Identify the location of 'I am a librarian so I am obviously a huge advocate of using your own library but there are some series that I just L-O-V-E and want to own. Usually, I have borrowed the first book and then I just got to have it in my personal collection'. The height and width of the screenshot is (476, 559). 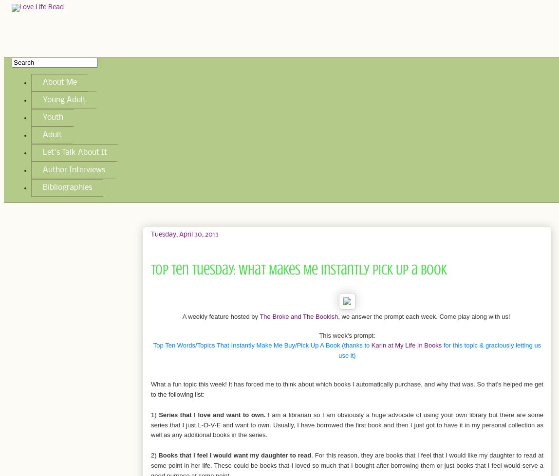
(347, 419).